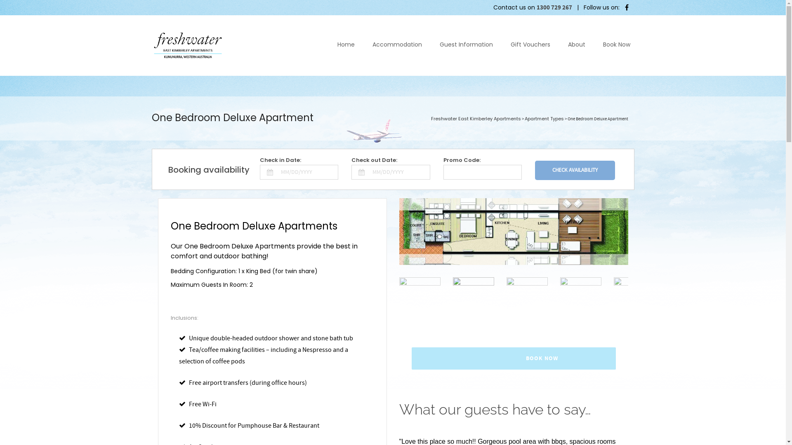 This screenshot has height=445, width=792. What do you see at coordinates (574, 170) in the screenshot?
I see `'Check Availability'` at bounding box center [574, 170].